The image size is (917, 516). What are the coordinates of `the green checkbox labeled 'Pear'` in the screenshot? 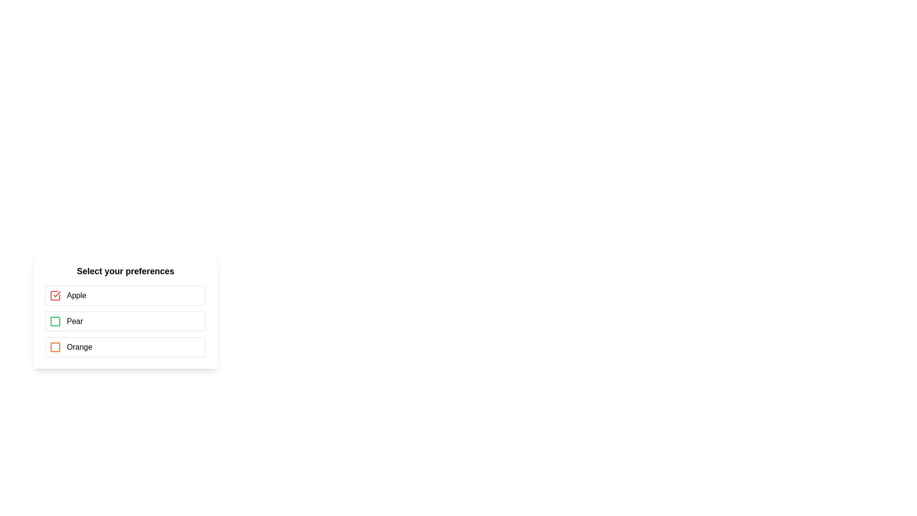 It's located at (125, 321).